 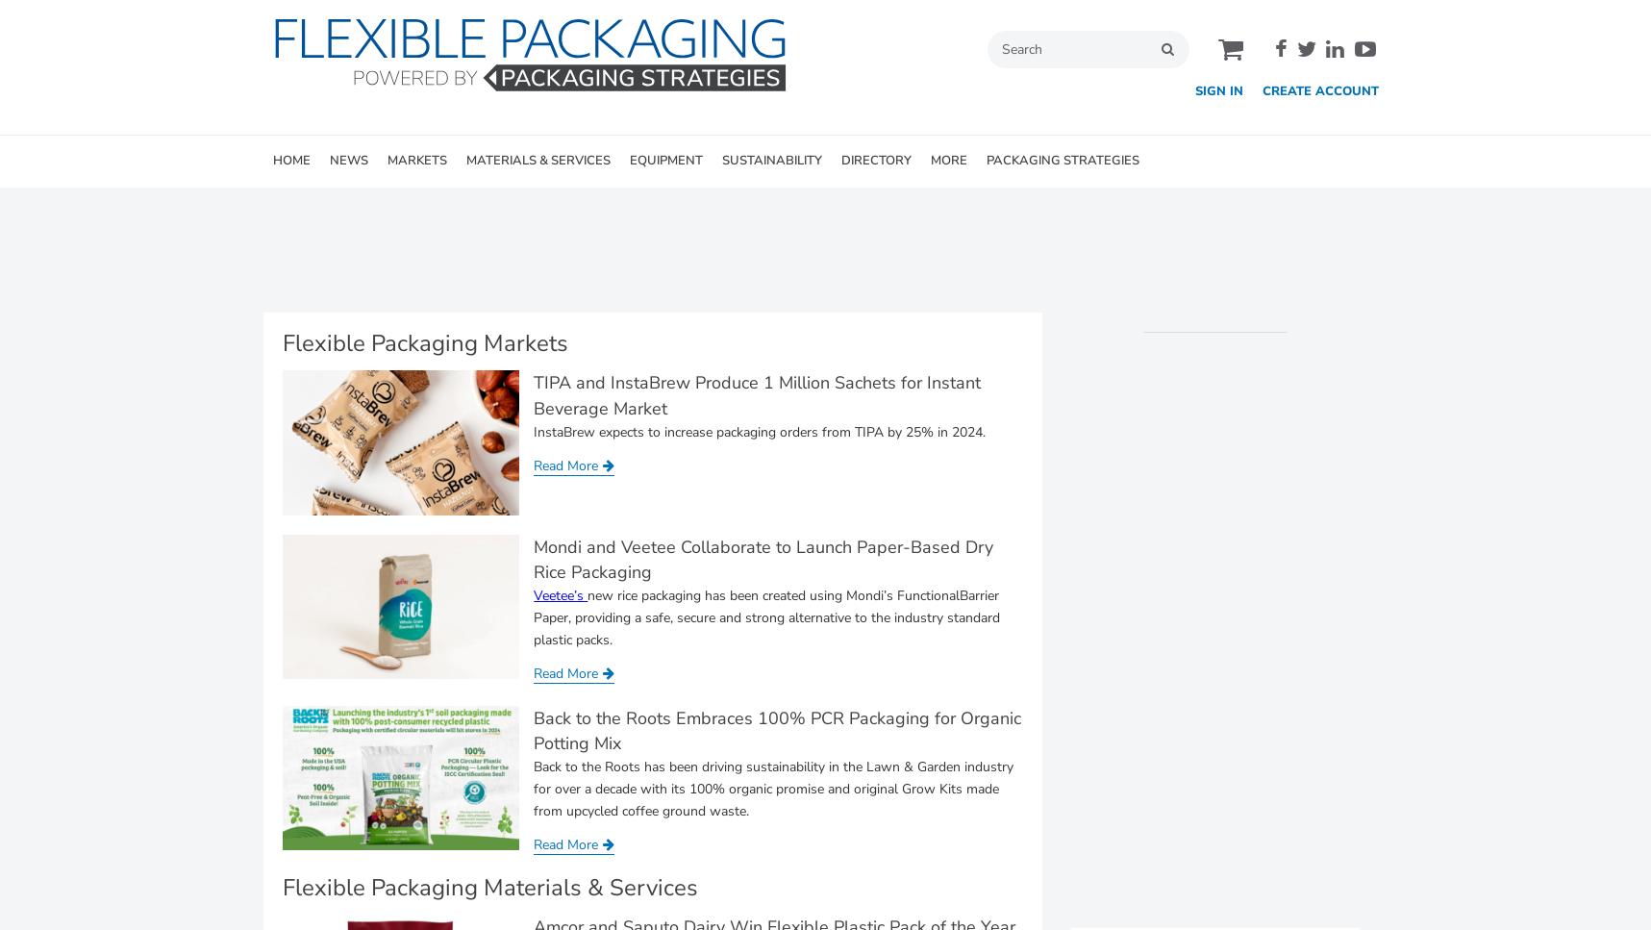 What do you see at coordinates (488, 888) in the screenshot?
I see `'Flexible Packaging Materials & Services'` at bounding box center [488, 888].